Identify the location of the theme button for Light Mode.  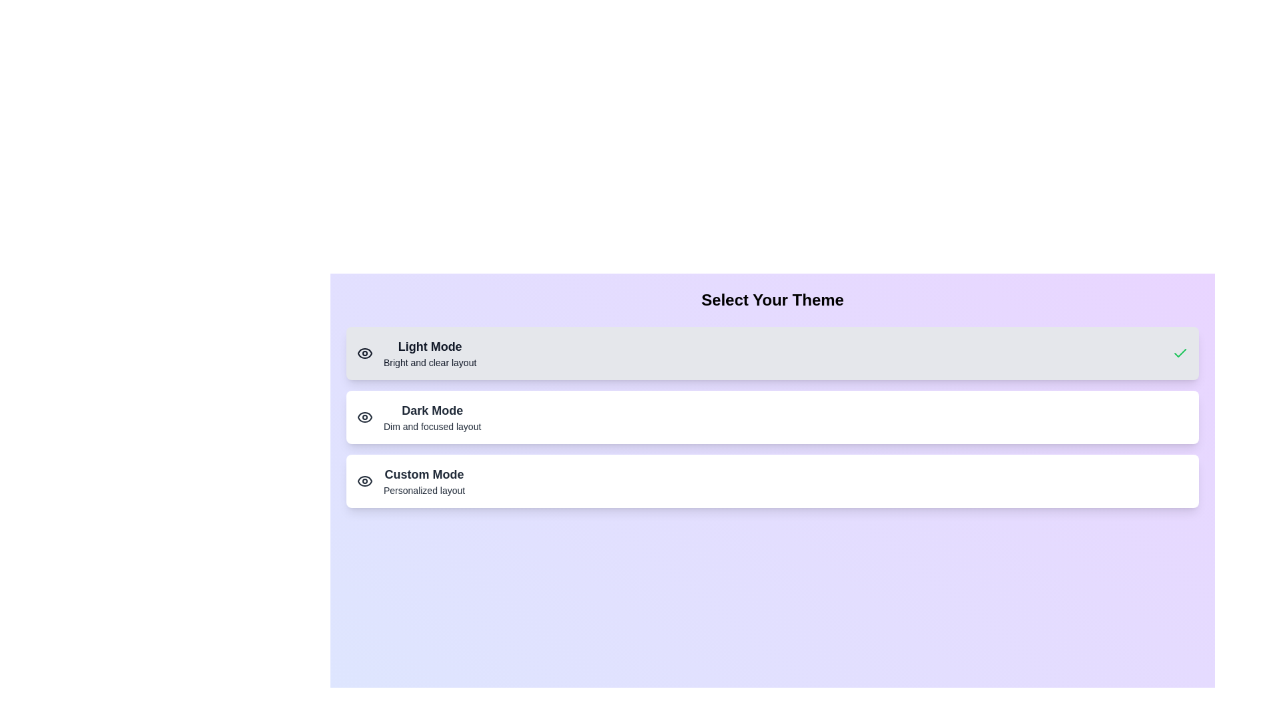
(773, 353).